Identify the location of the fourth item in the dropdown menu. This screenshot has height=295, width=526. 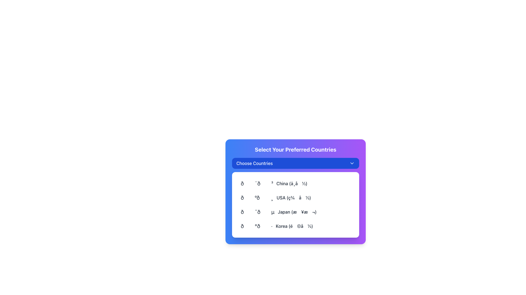
(277, 226).